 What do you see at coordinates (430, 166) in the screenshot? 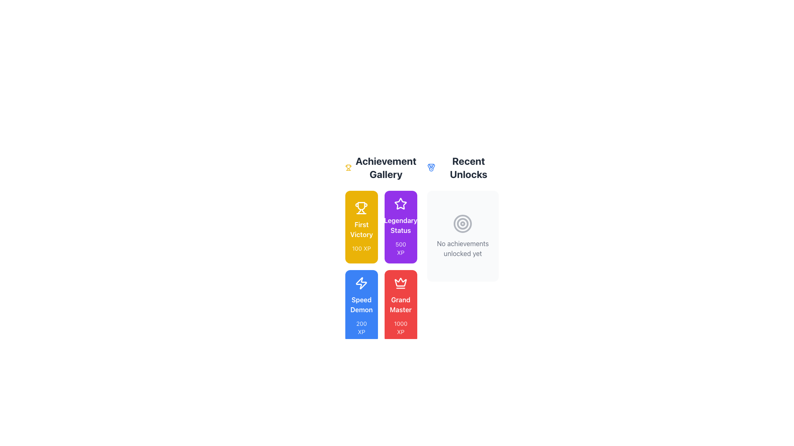
I see `the minimalistic vector badge icon resembling a medal located in the 'Recent Unlocks' section` at bounding box center [430, 166].